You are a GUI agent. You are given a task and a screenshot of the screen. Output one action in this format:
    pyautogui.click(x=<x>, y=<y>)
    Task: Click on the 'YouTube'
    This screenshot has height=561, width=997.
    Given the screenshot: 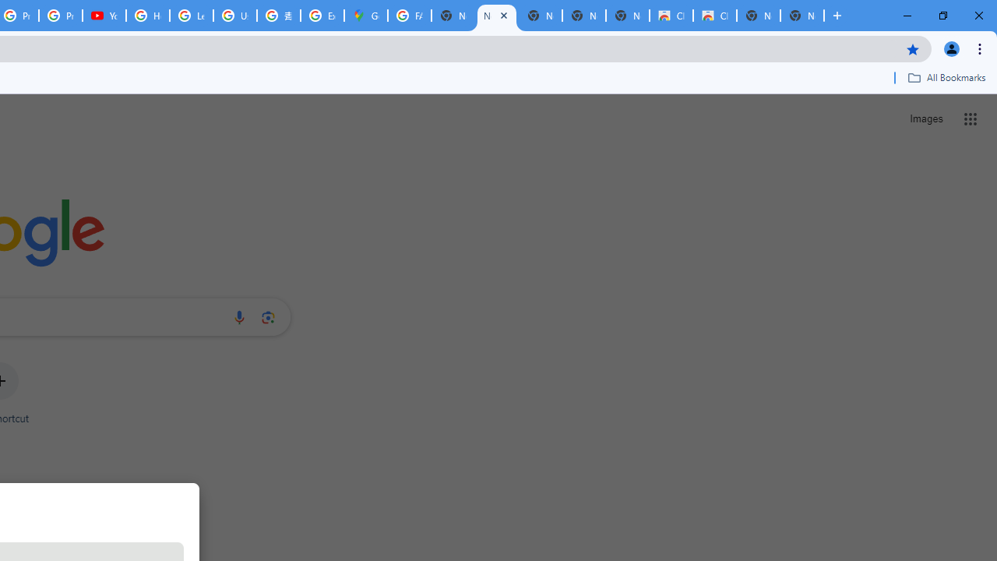 What is the action you would take?
    pyautogui.click(x=104, y=16)
    